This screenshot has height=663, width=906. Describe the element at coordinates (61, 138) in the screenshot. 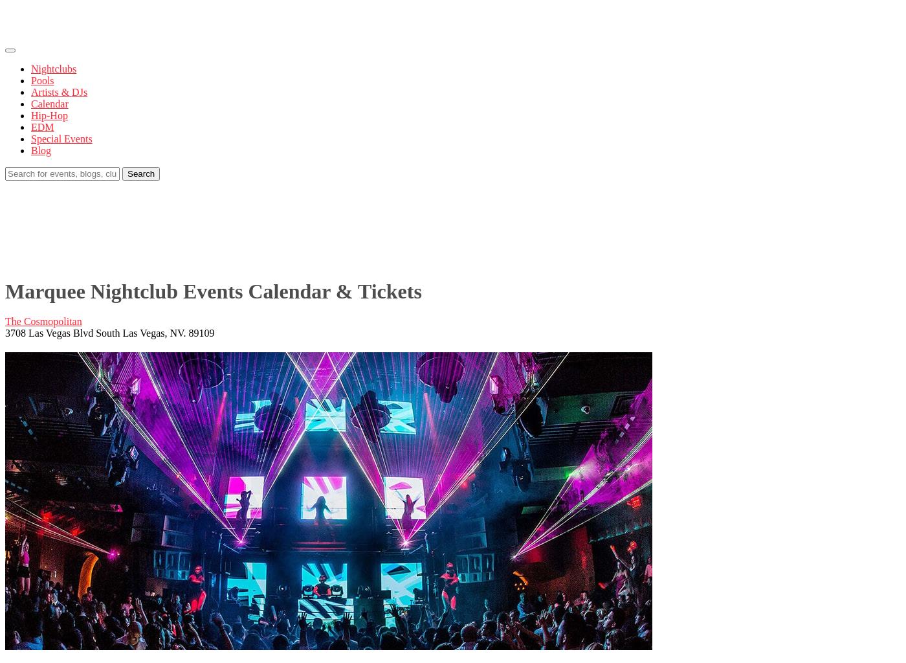

I see `'Special Events'` at that location.